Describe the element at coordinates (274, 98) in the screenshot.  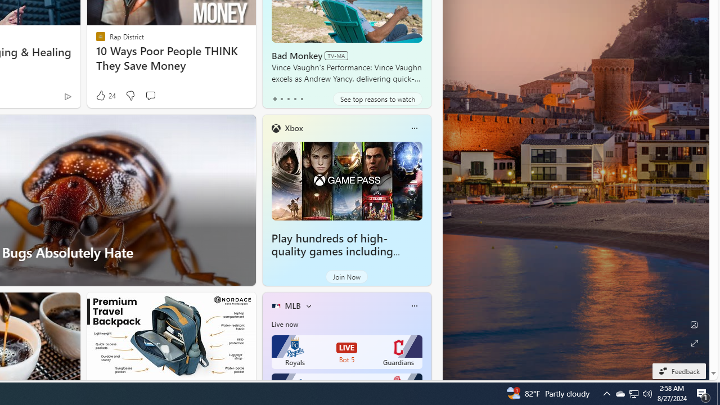
I see `'tab-0'` at that location.